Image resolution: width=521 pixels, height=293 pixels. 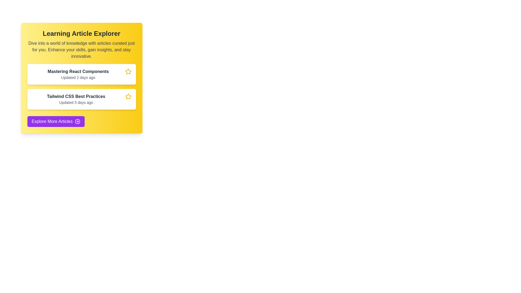 I want to click on the text display for the article title 'Mastering React Components', so click(x=78, y=71).